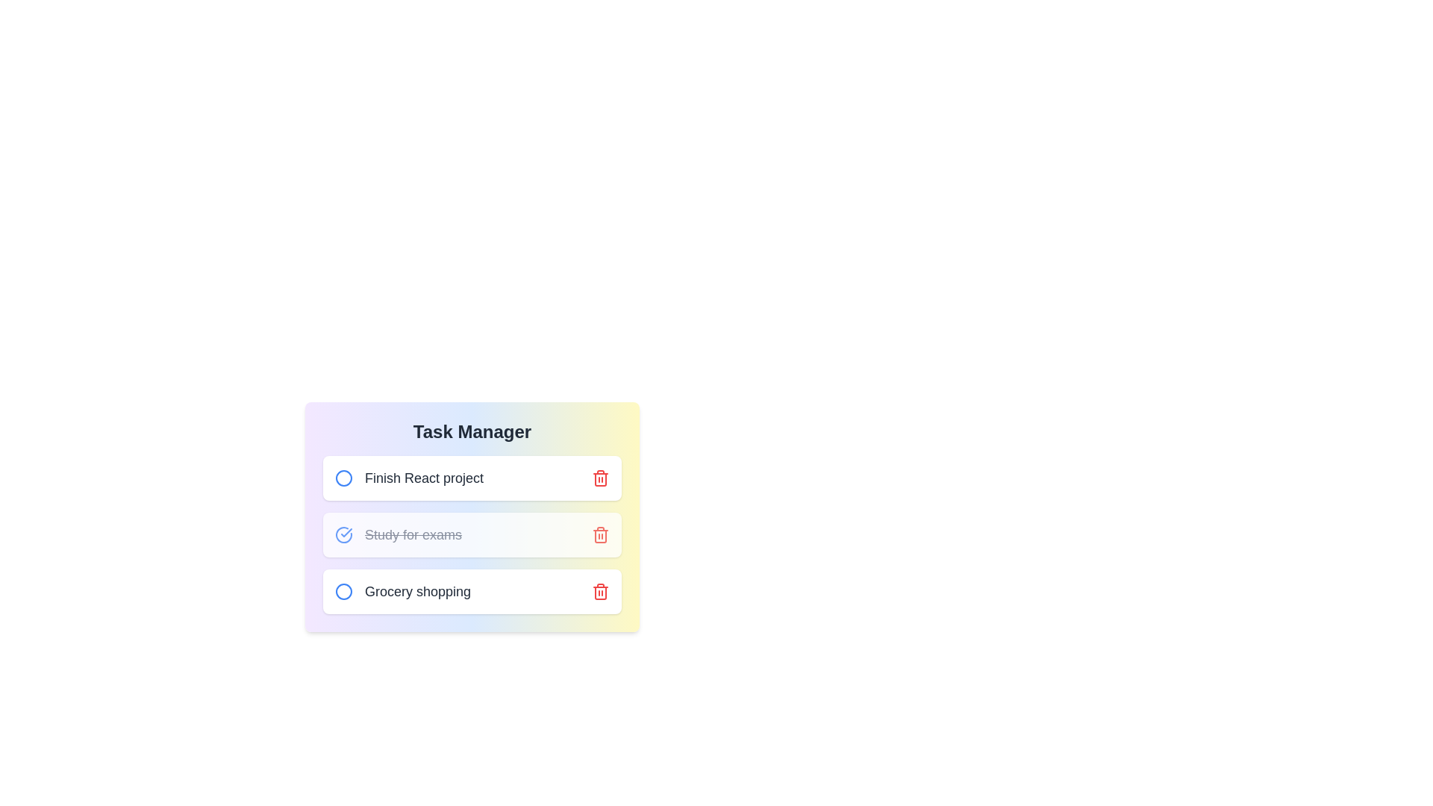 The width and height of the screenshot is (1433, 806). Describe the element at coordinates (601, 591) in the screenshot. I see `the delete icon to remove the task Grocery shopping` at that location.